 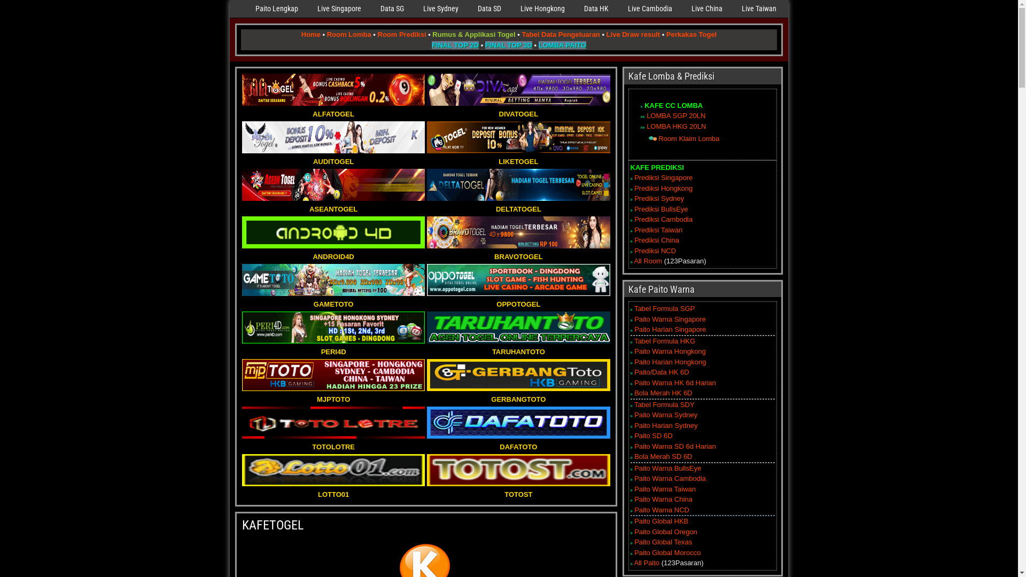 What do you see at coordinates (333, 346) in the screenshot?
I see `'PERI4D'` at bounding box center [333, 346].